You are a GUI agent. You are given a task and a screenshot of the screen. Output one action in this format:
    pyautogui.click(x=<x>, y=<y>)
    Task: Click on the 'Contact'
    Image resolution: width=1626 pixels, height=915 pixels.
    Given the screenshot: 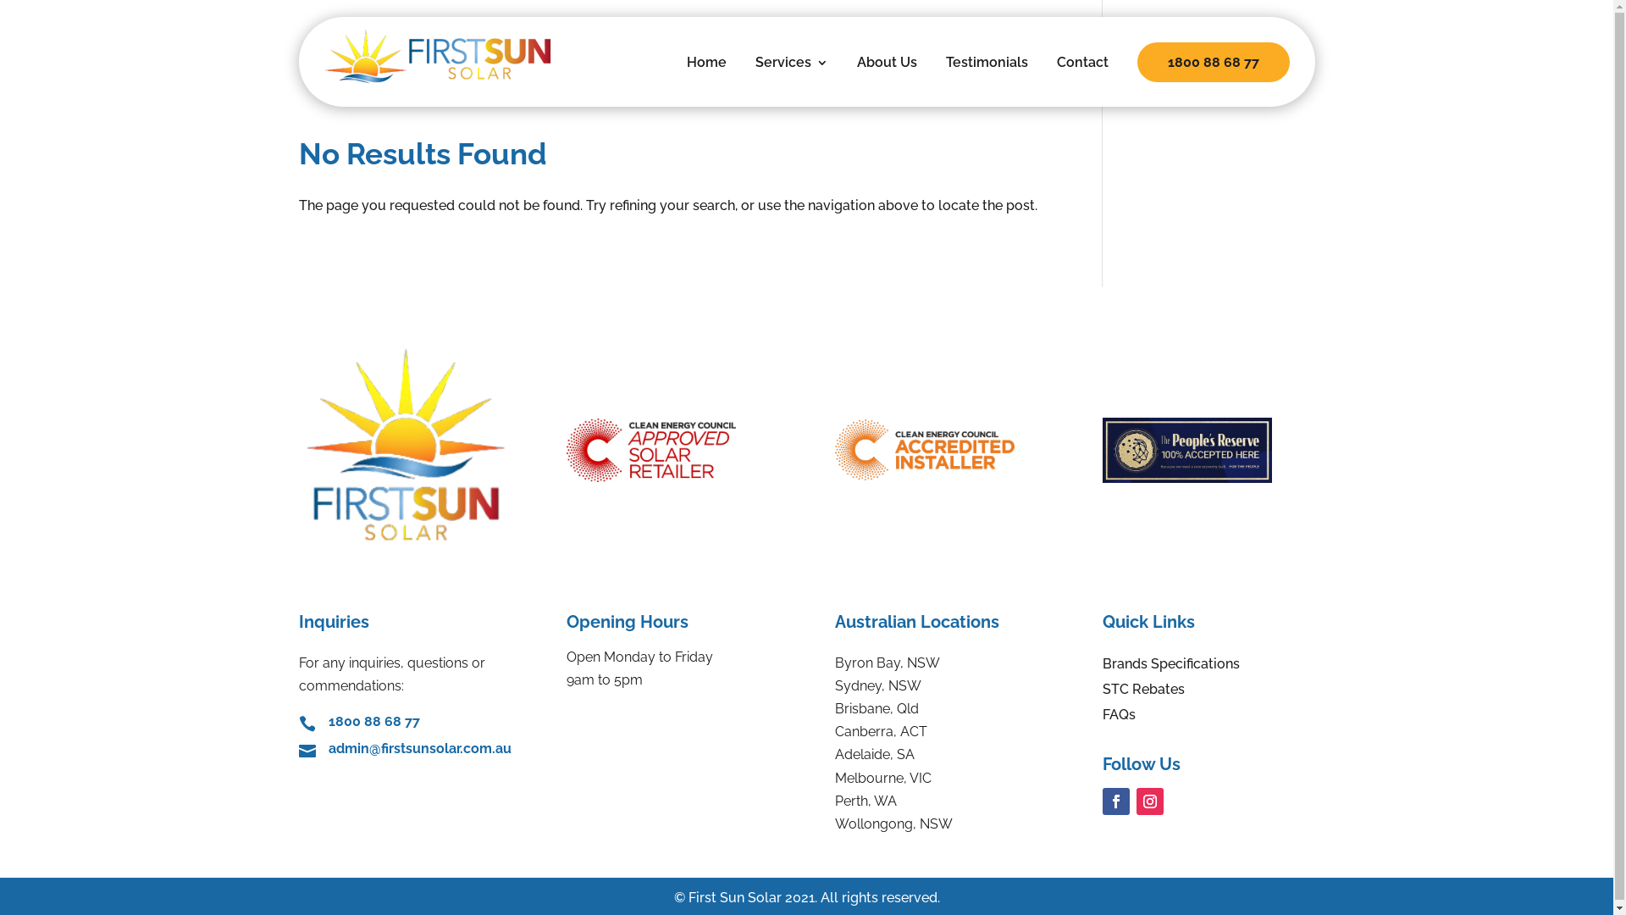 What is the action you would take?
    pyautogui.click(x=1081, y=74)
    